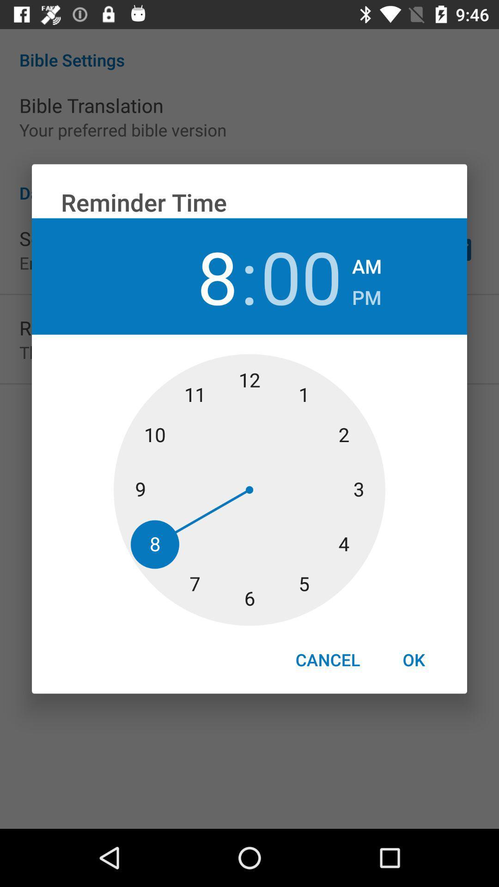  What do you see at coordinates (366, 263) in the screenshot?
I see `the icon above the pm item` at bounding box center [366, 263].